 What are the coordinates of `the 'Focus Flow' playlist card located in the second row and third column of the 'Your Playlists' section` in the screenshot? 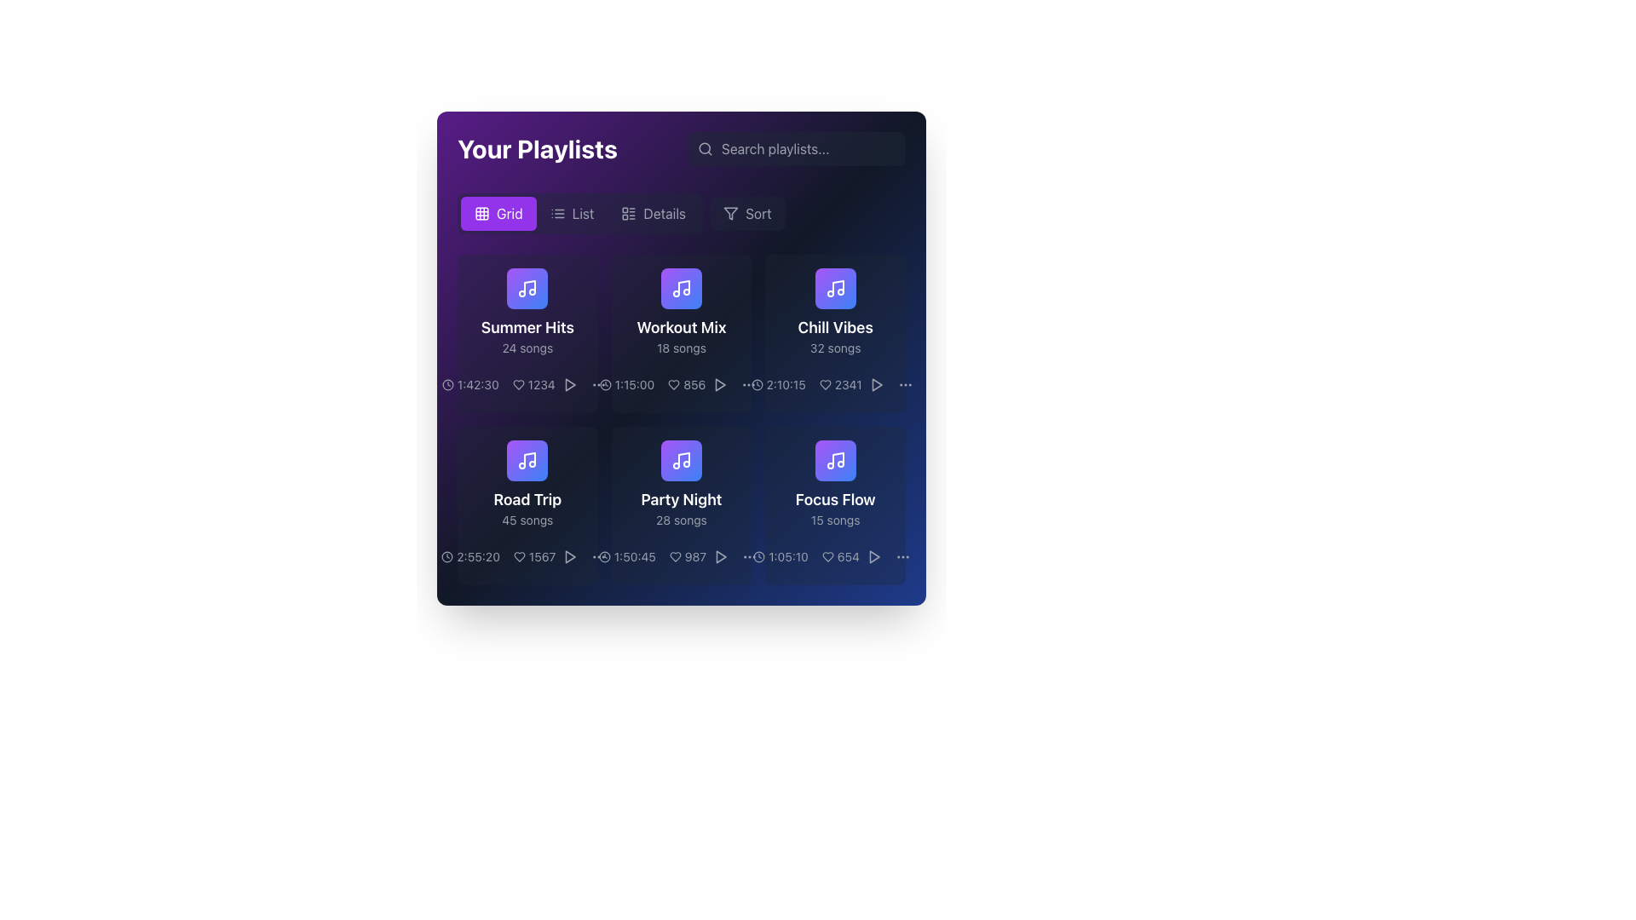 It's located at (835, 485).